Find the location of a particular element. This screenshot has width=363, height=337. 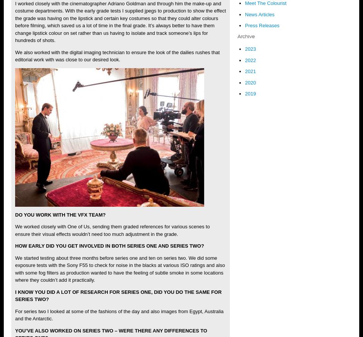

'I KNOW YOU DID A LOT OF RESEARCH FOR SERIES ONE, DID YOU DO THE SAME FOR SERIES TWO?' is located at coordinates (118, 295).